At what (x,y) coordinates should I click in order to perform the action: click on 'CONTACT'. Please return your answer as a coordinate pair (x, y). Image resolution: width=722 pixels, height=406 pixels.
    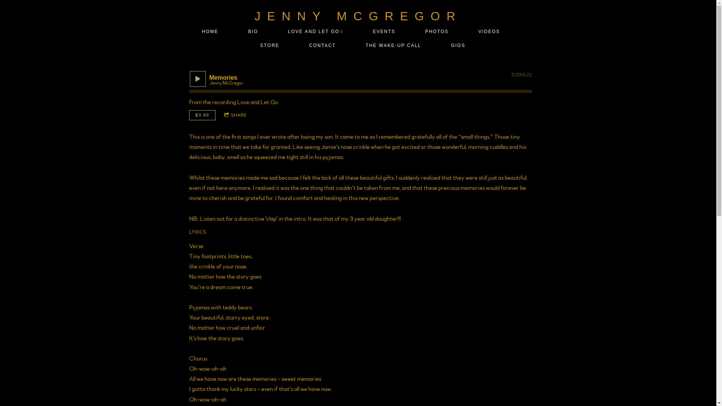
    Looking at the image, I should click on (323, 45).